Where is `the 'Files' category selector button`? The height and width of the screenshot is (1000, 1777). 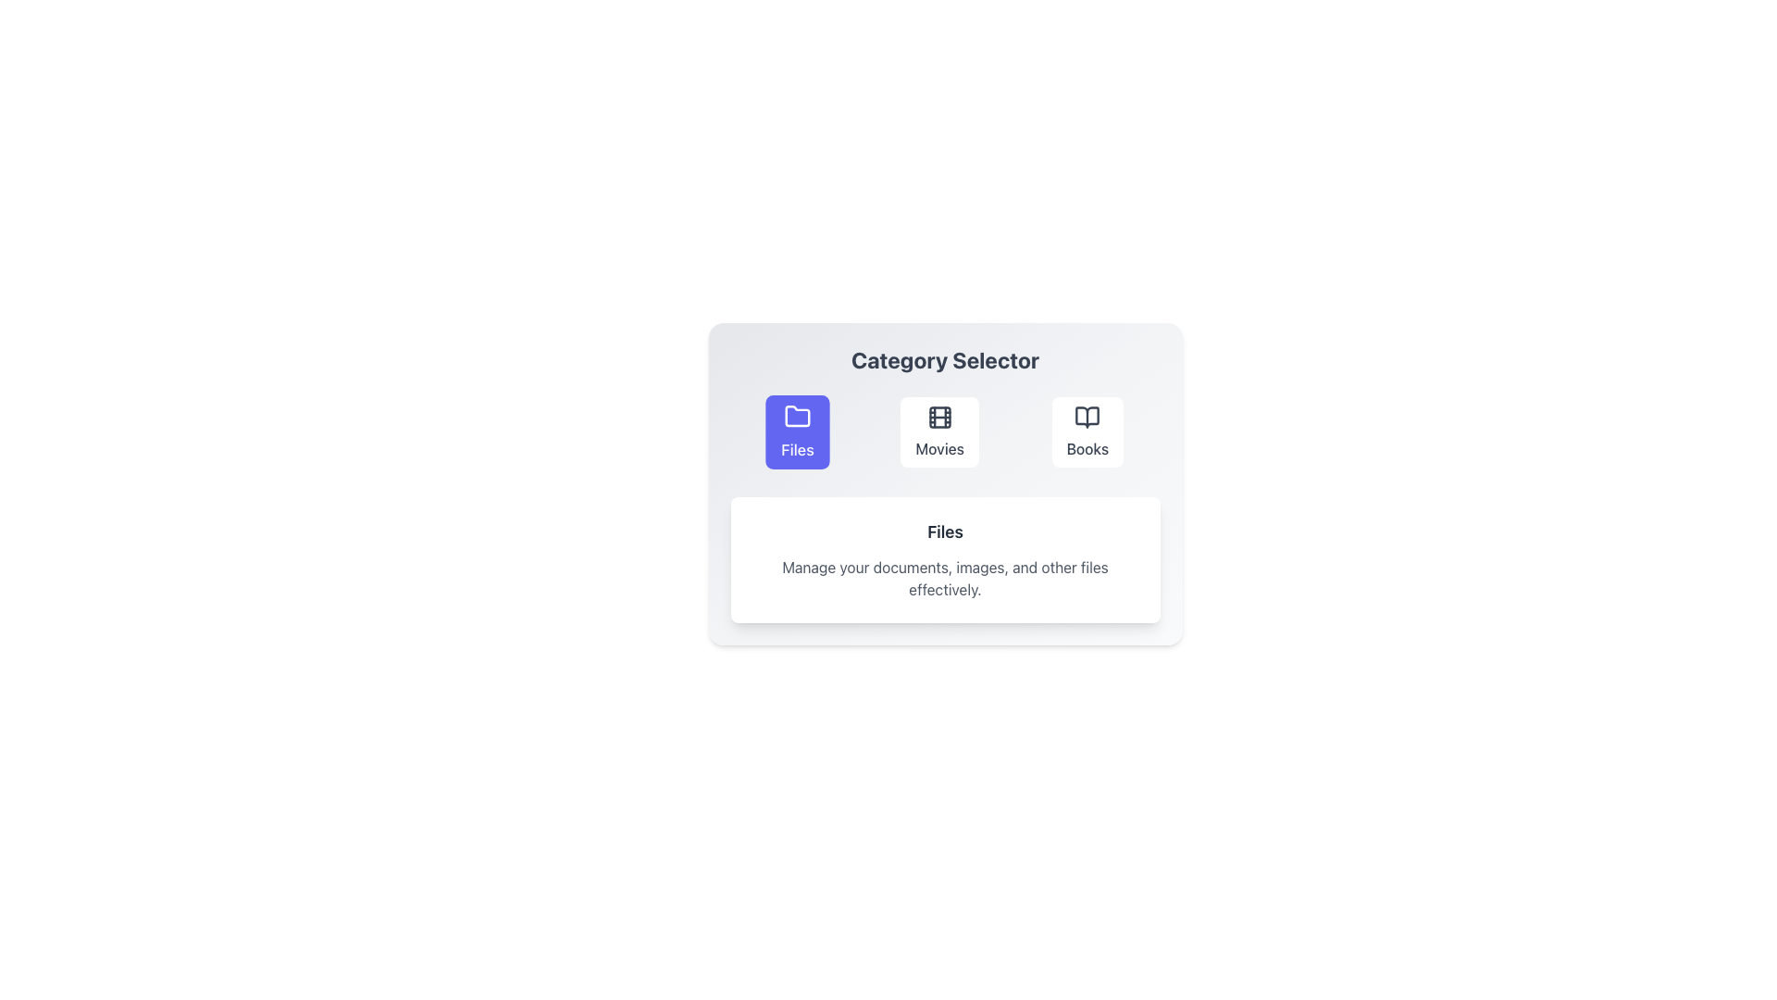 the 'Files' category selector button is located at coordinates (797, 431).